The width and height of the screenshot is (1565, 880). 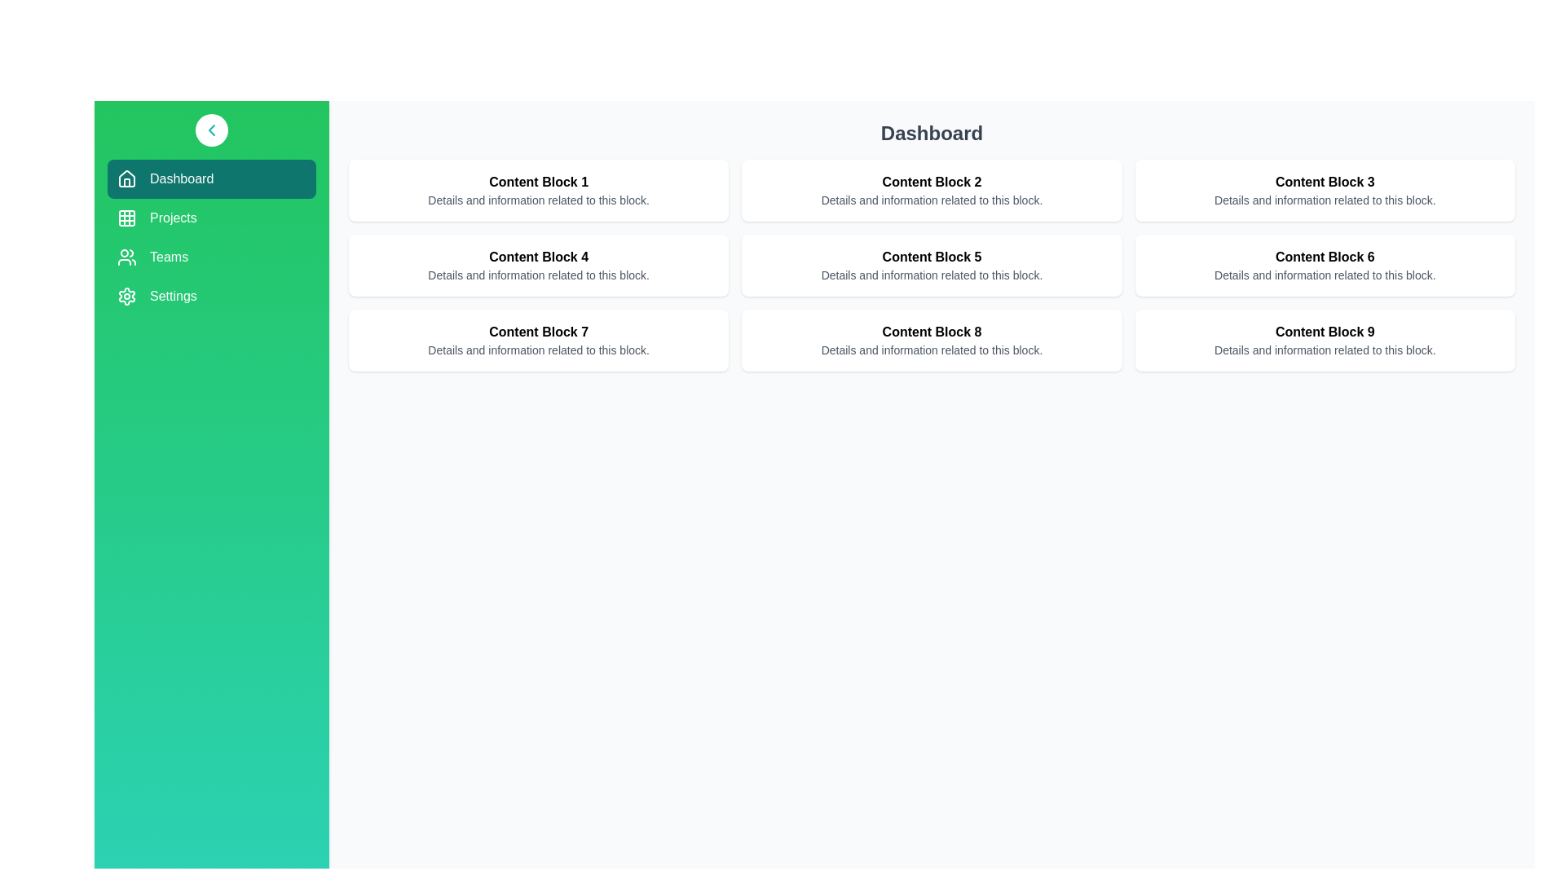 I want to click on the menu item Dashboard from the sidebar, so click(x=210, y=178).